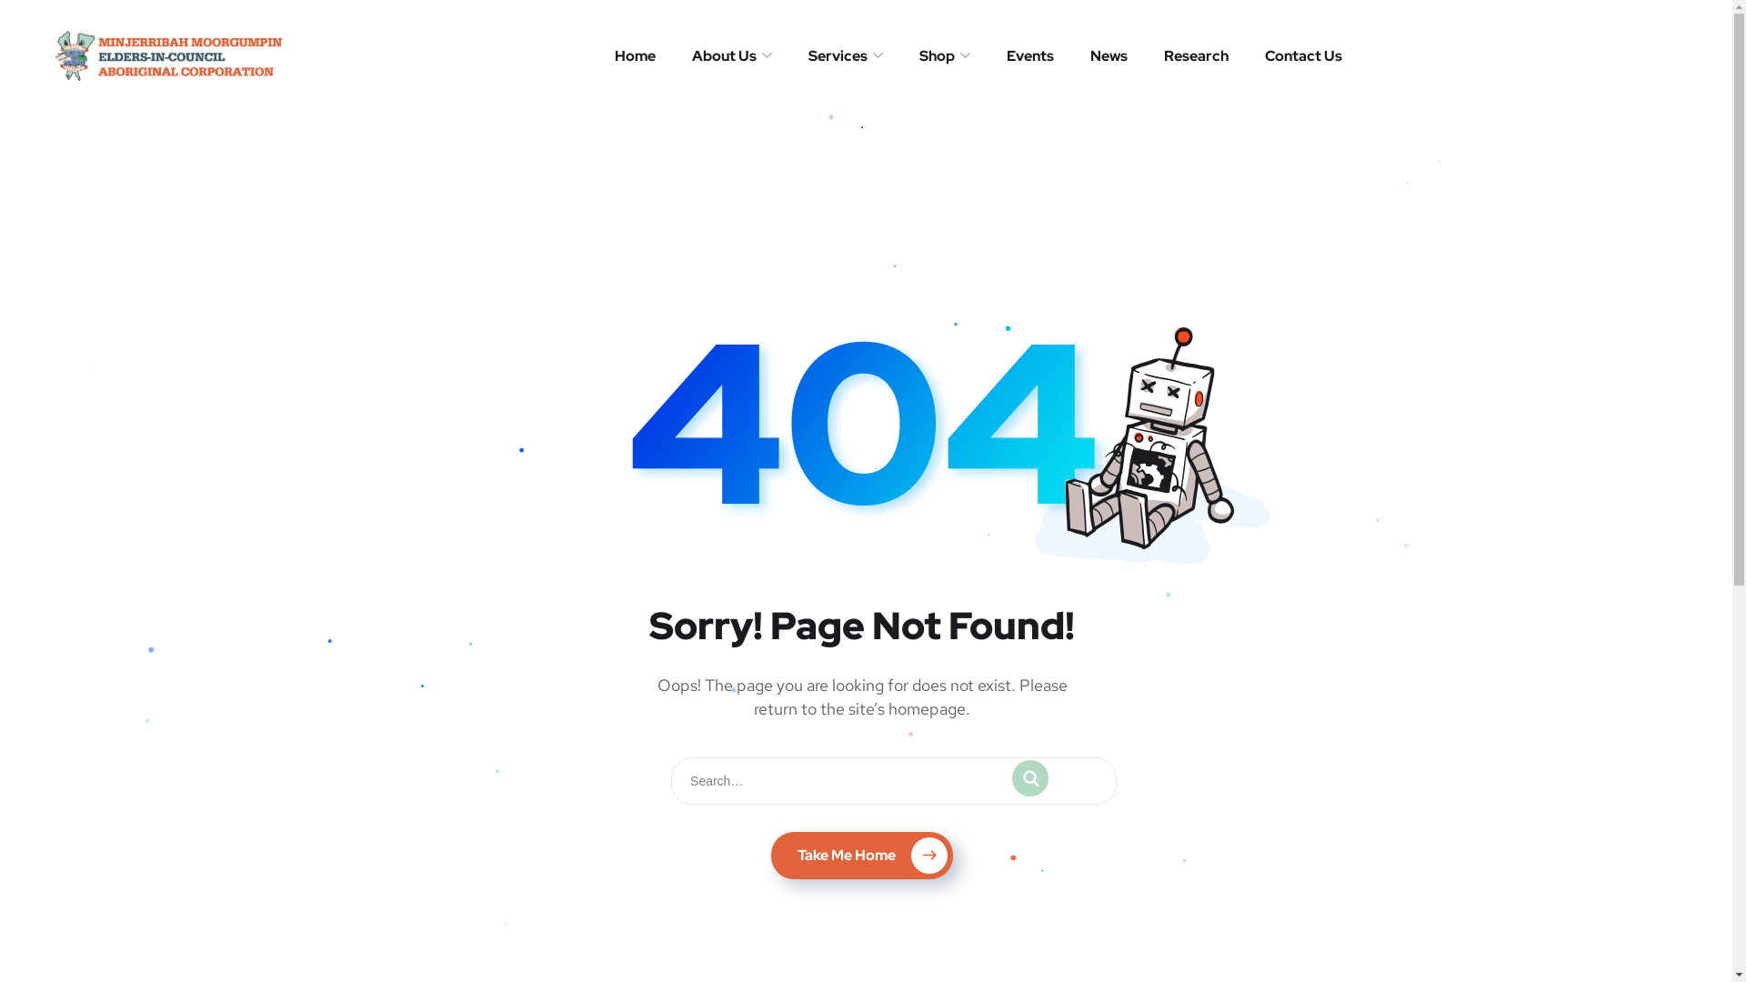 The height and width of the screenshot is (982, 1746). I want to click on 'Research', so click(1164, 55).